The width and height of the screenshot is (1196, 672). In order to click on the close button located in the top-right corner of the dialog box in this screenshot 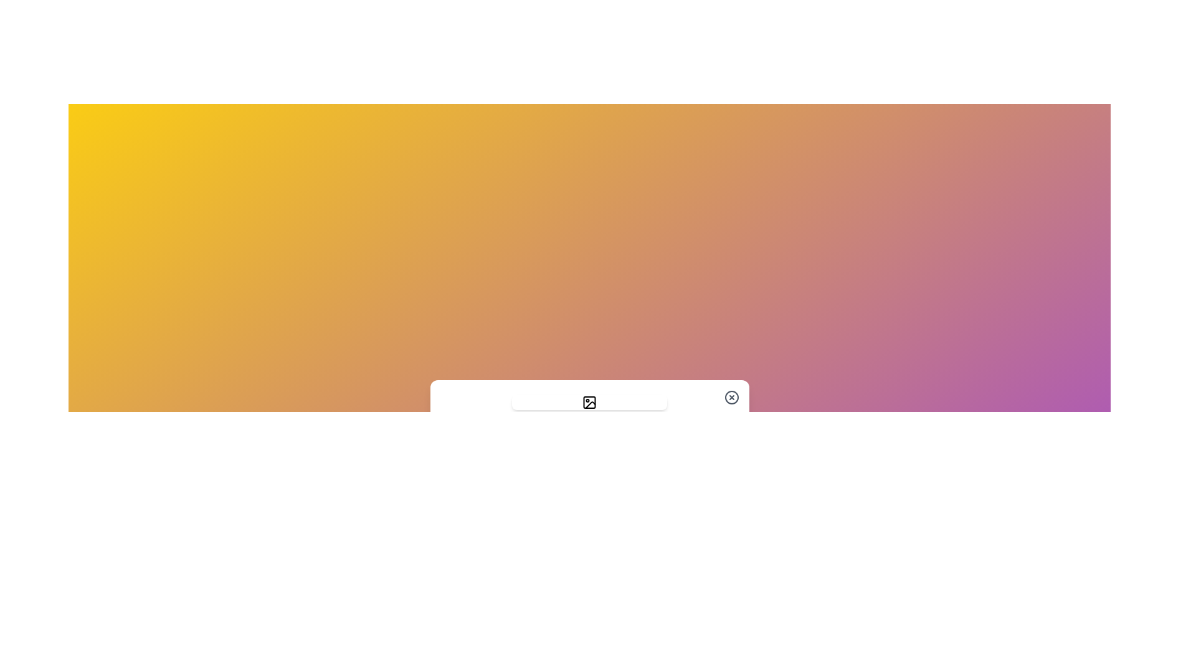, I will do `click(731, 398)`.